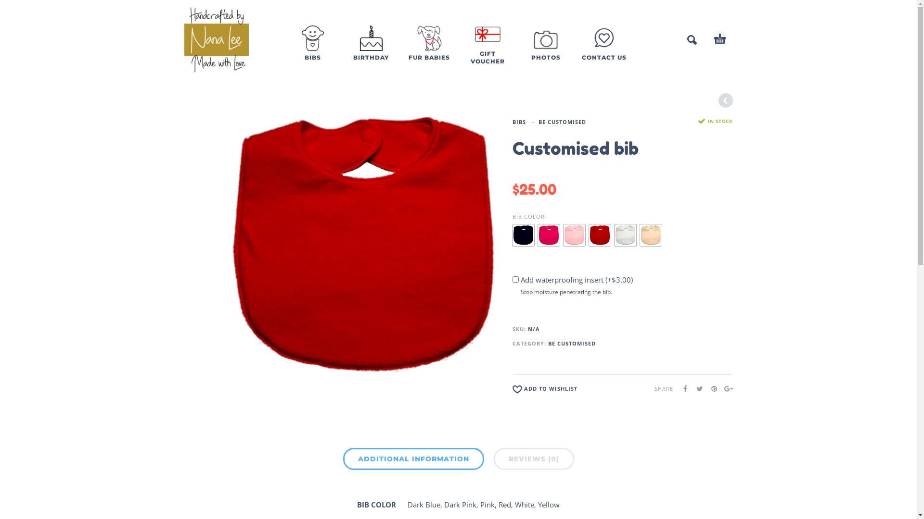  I want to click on 'Red', so click(589, 235).